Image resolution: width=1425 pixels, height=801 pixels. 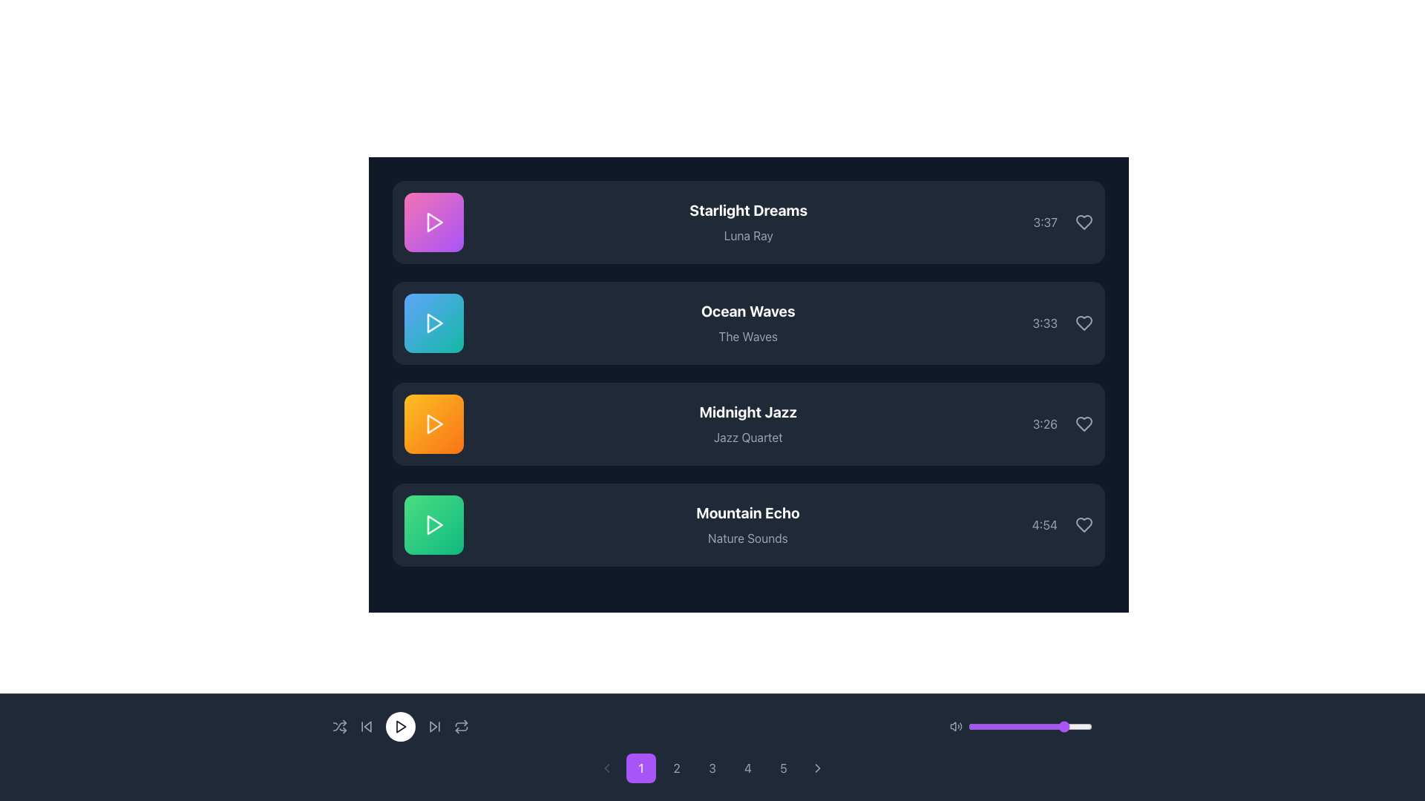 I want to click on the second play icon in the list to play the associated media item 'Ocean Waves', so click(x=434, y=322).